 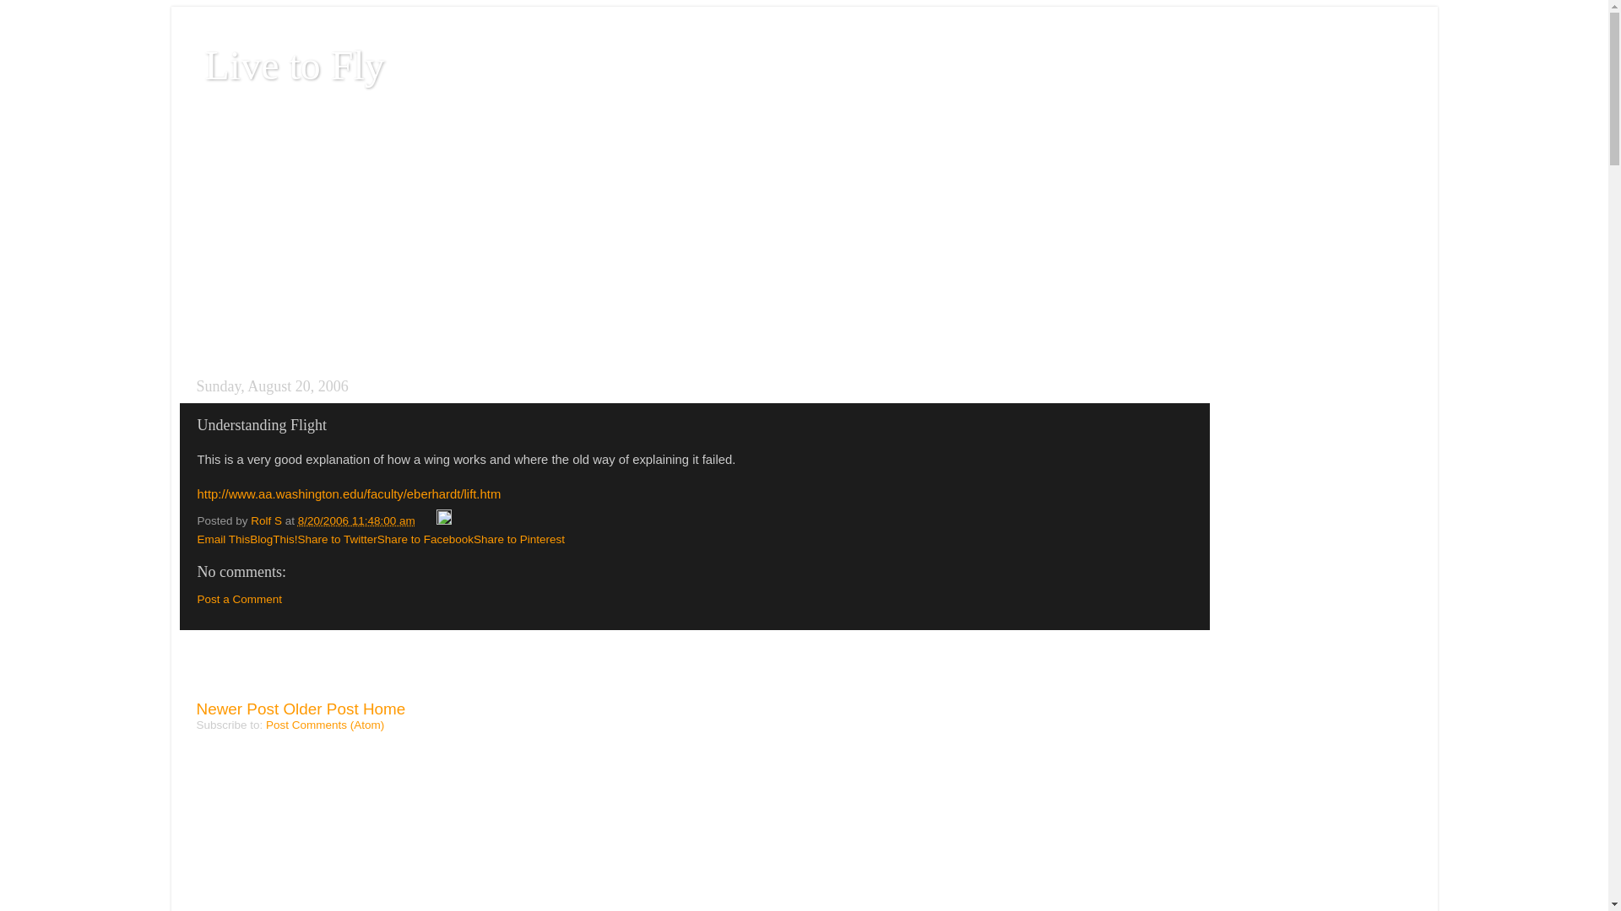 What do you see at coordinates (249, 539) in the screenshot?
I see `'BlogThis!'` at bounding box center [249, 539].